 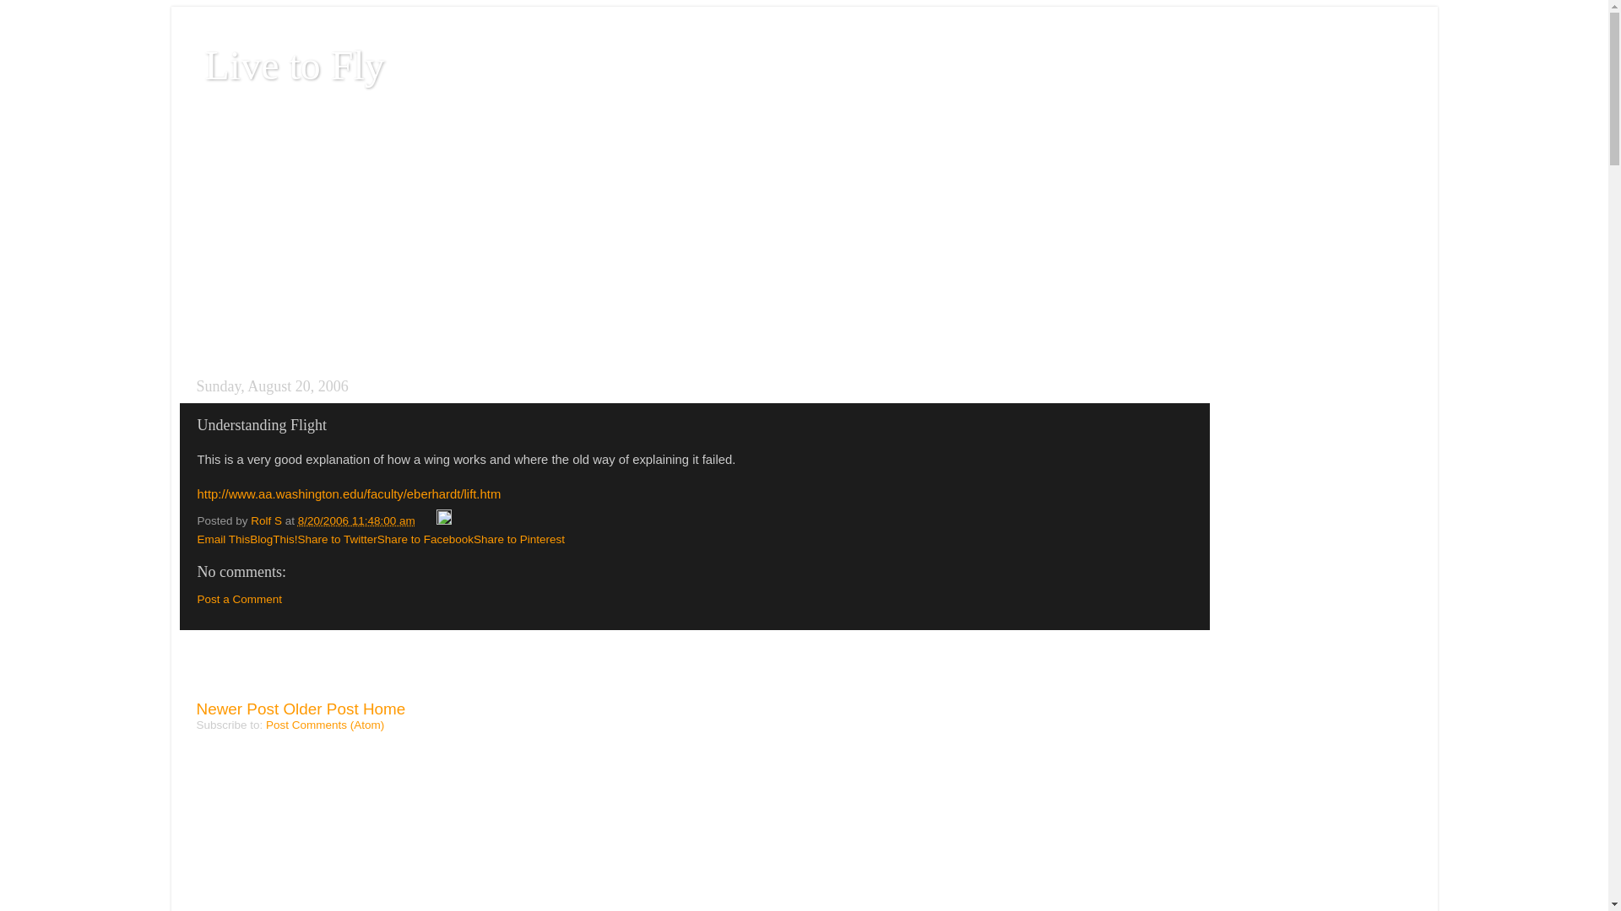 What do you see at coordinates (249, 539) in the screenshot?
I see `'BlogThis!'` at bounding box center [249, 539].